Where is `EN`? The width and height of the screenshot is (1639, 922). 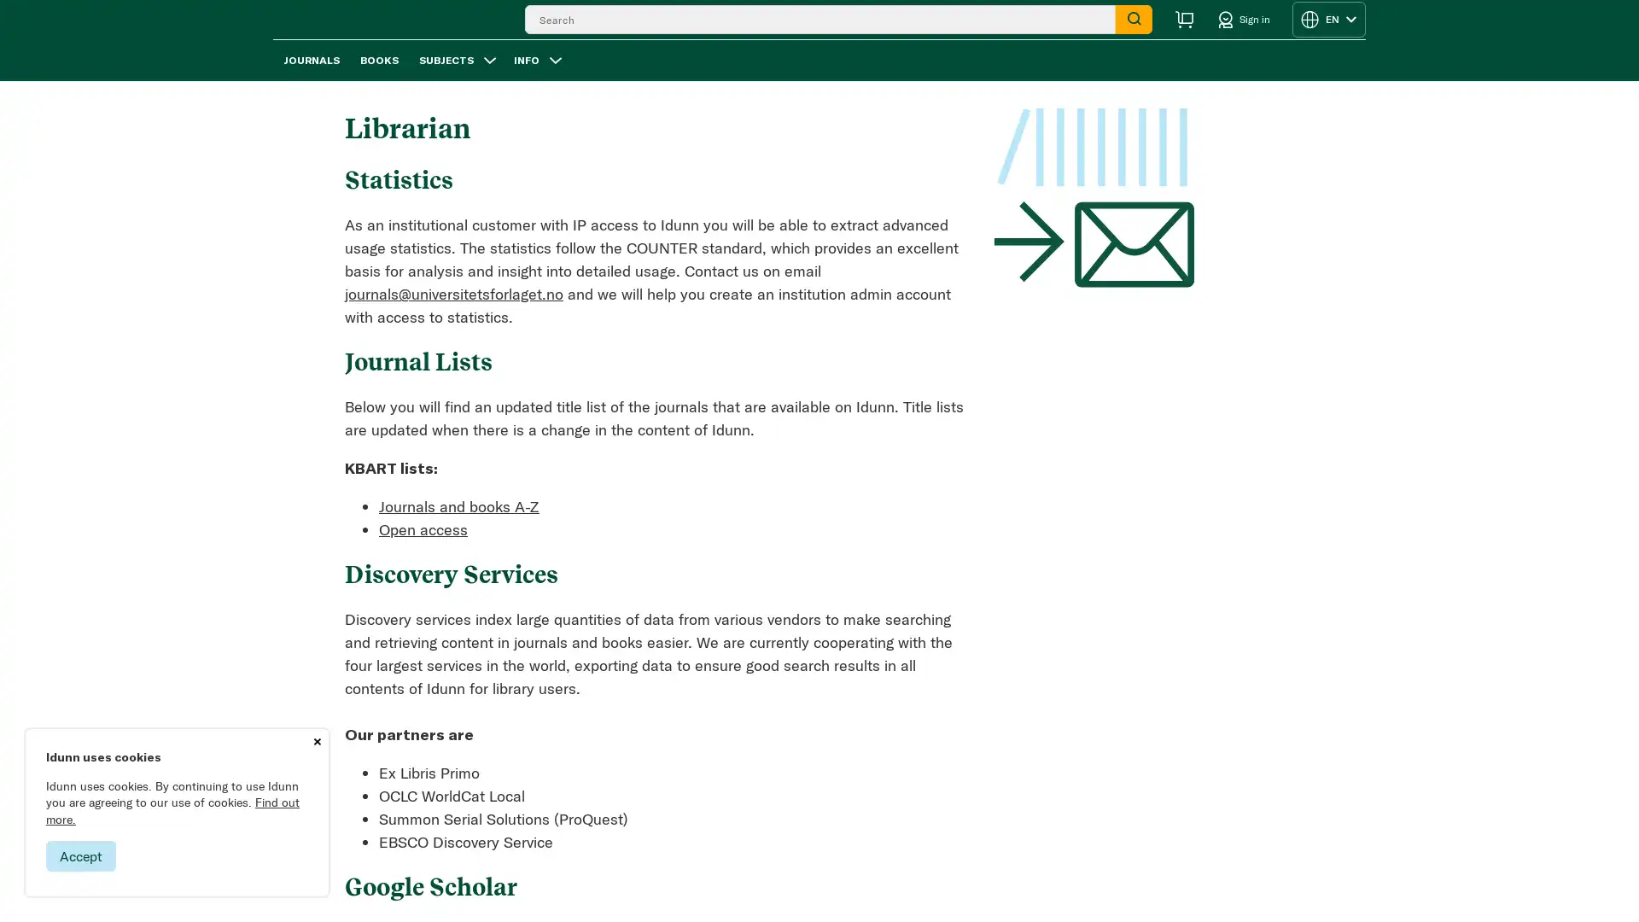
EN is located at coordinates (1327, 29).